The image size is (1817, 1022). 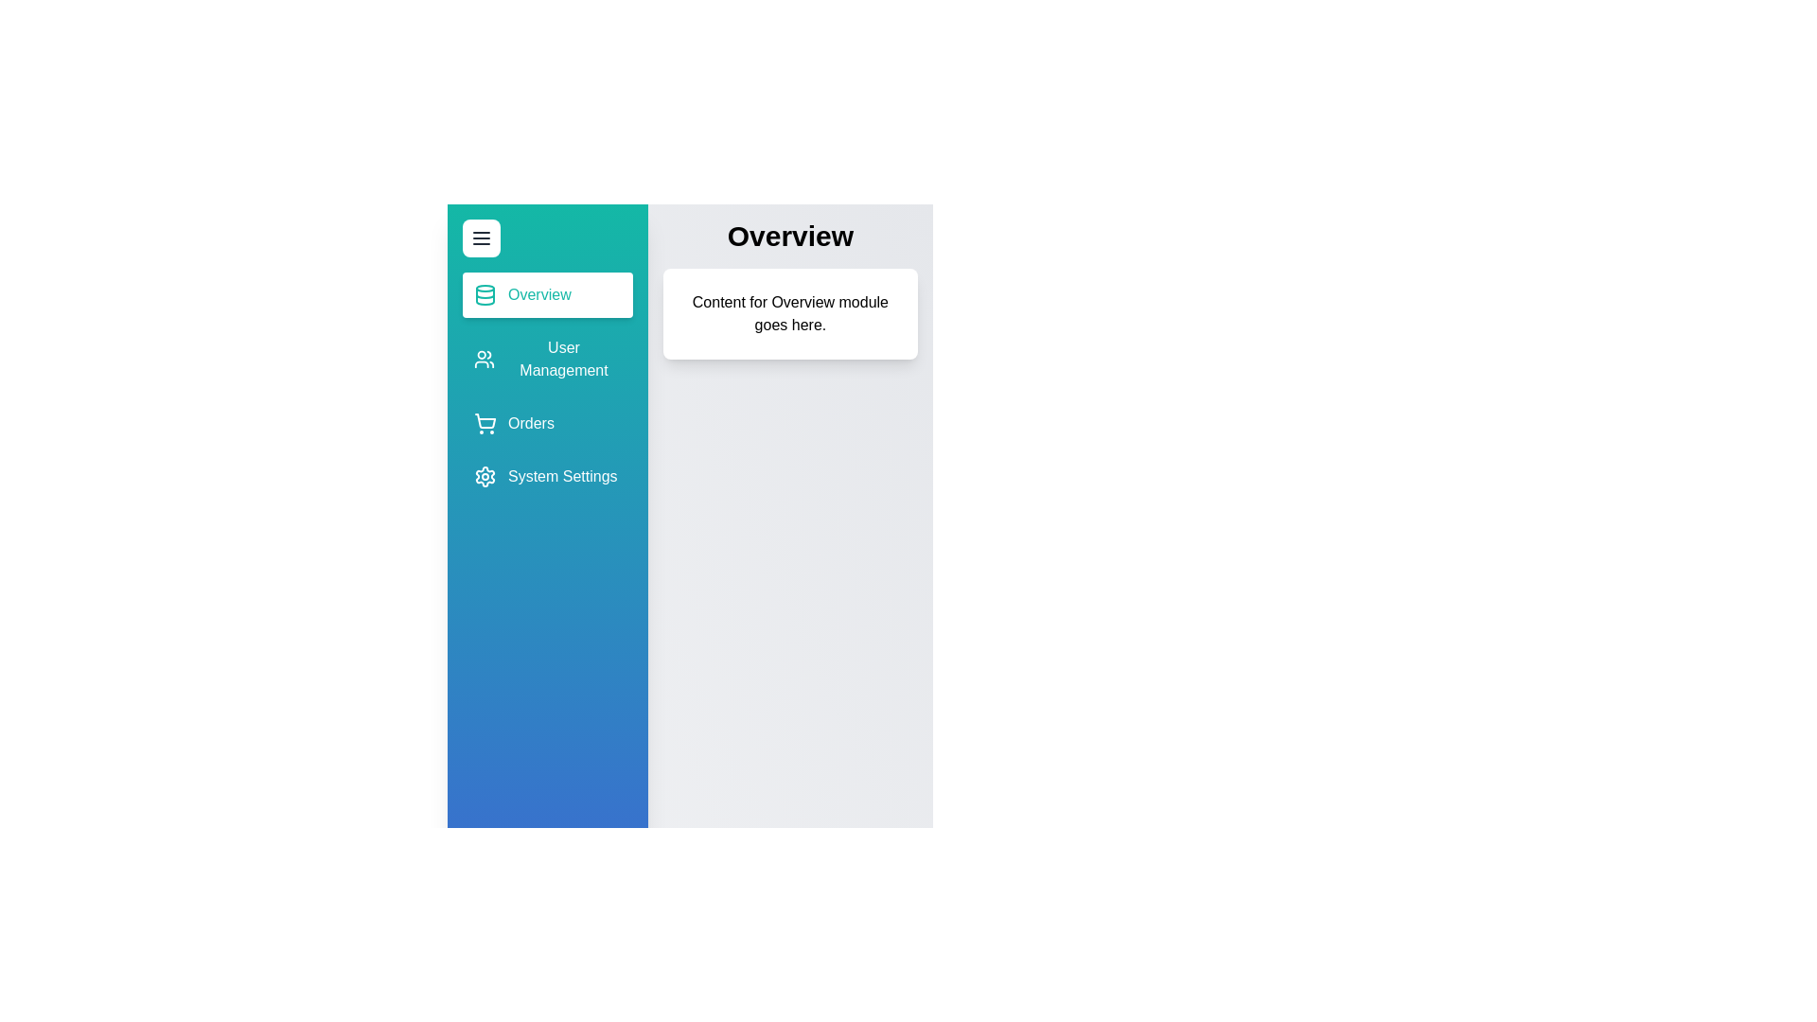 What do you see at coordinates (546, 476) in the screenshot?
I see `the module System Settings from the sidebar` at bounding box center [546, 476].